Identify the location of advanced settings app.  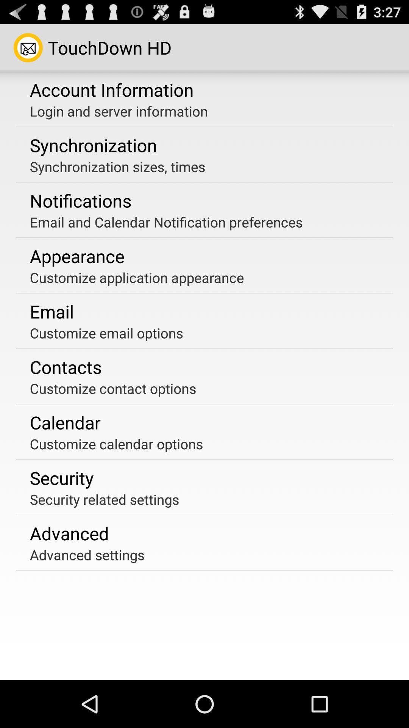
(87, 555).